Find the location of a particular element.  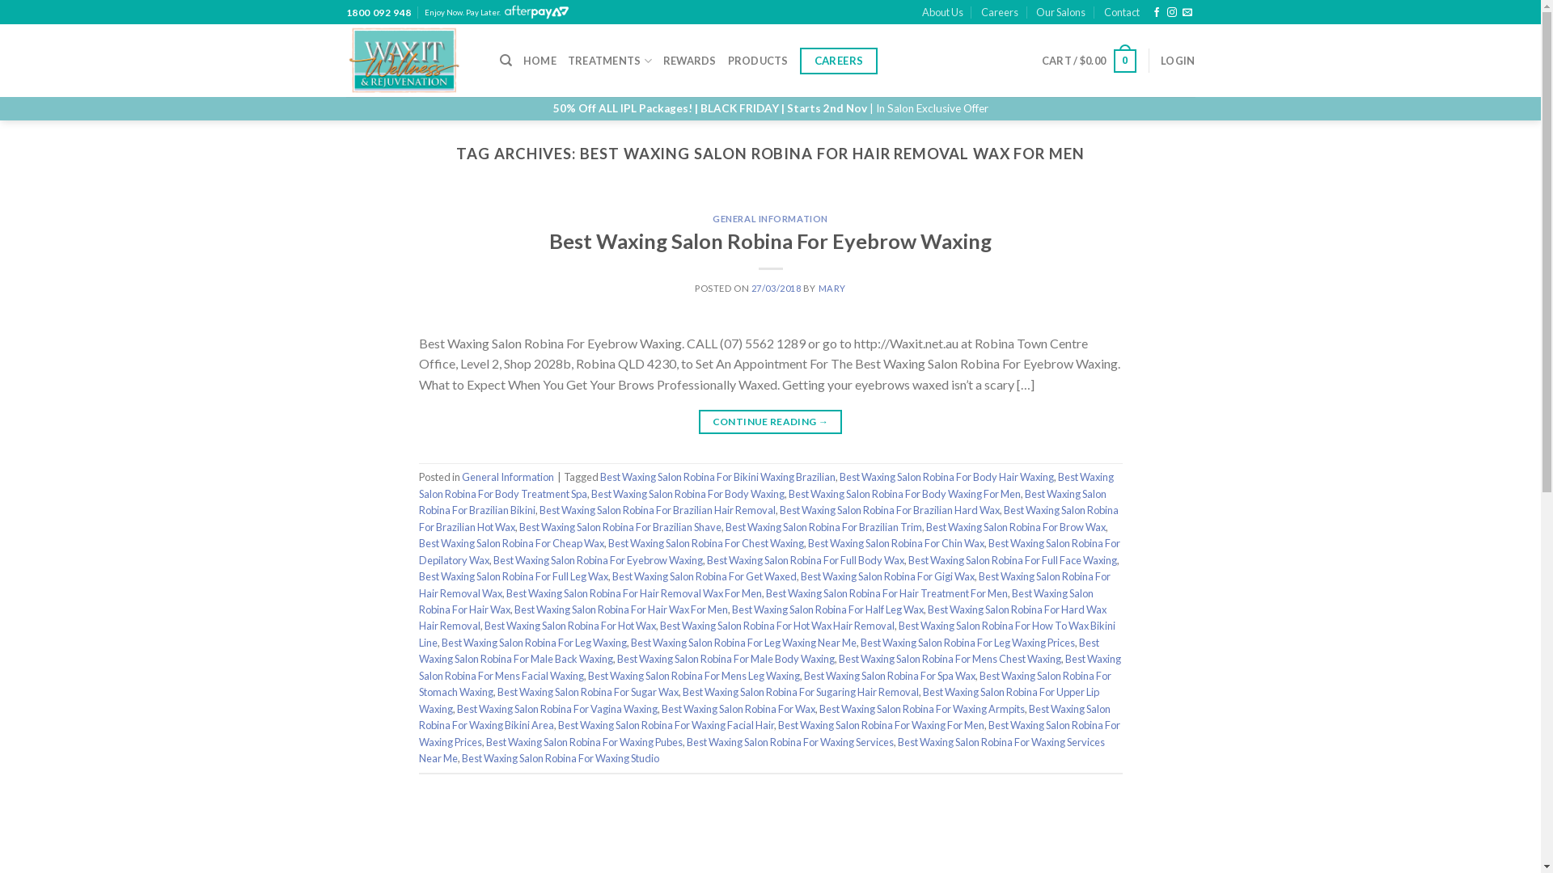

'Best Waxing Salon Robina For Full Leg Wax' is located at coordinates (512, 576).